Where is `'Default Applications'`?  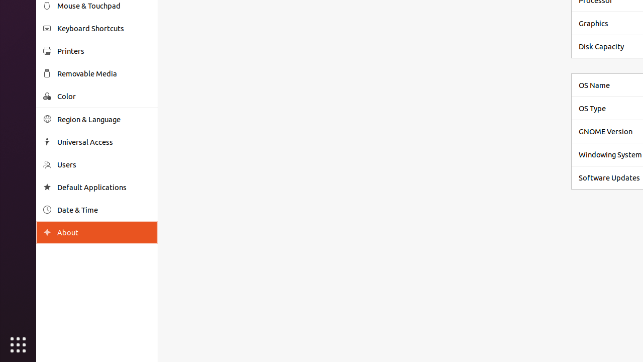 'Default Applications' is located at coordinates (103, 187).